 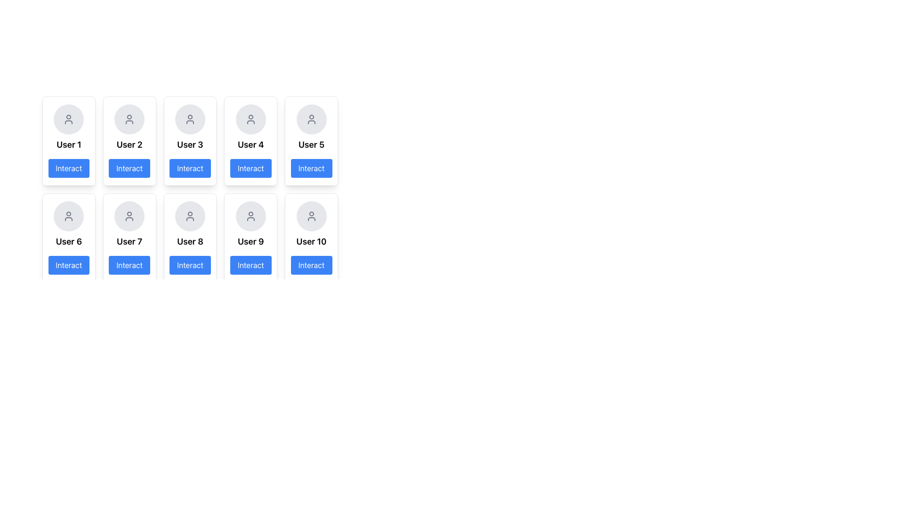 What do you see at coordinates (129, 168) in the screenshot?
I see `the rectangular button with a blue background and white text 'Interact' located at the bottom of the card for 'User 2'` at bounding box center [129, 168].